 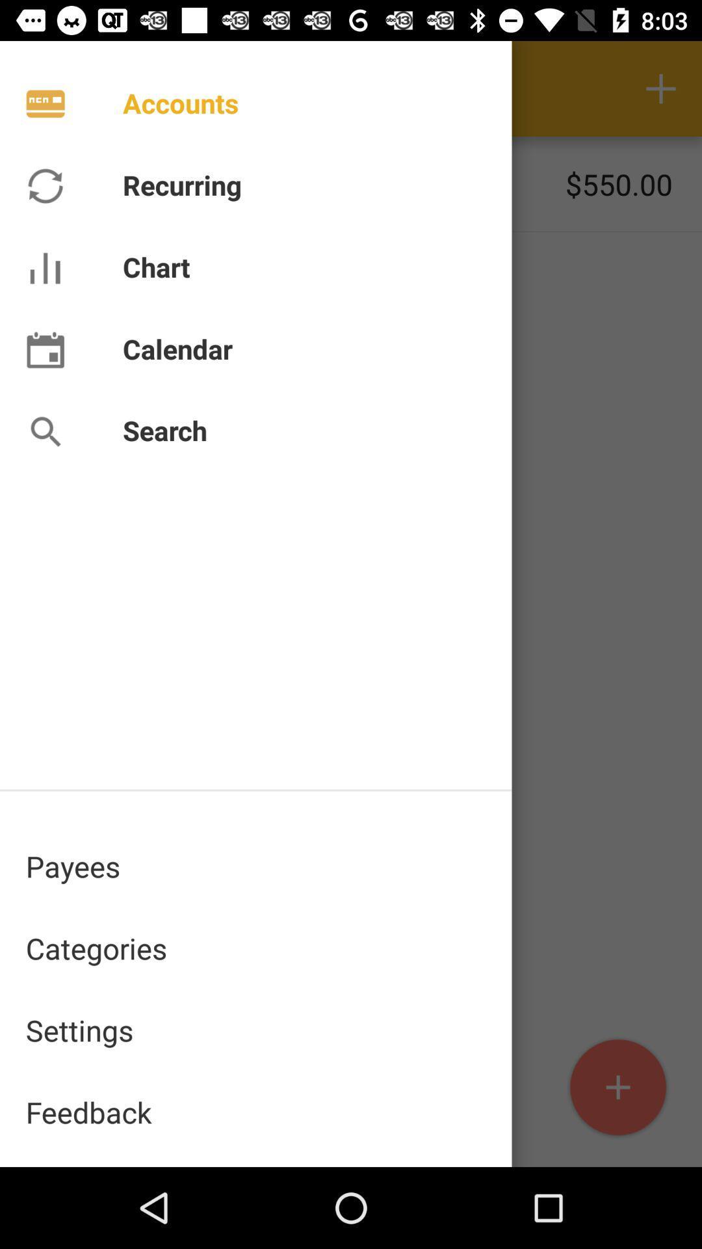 I want to click on the add icon, so click(x=617, y=1088).